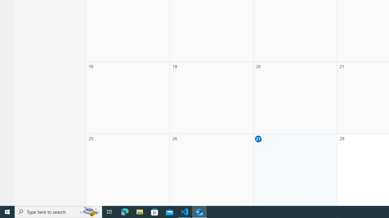 Image resolution: width=389 pixels, height=218 pixels. Describe the element at coordinates (155, 211) in the screenshot. I see `'Microsoft Store'` at that location.